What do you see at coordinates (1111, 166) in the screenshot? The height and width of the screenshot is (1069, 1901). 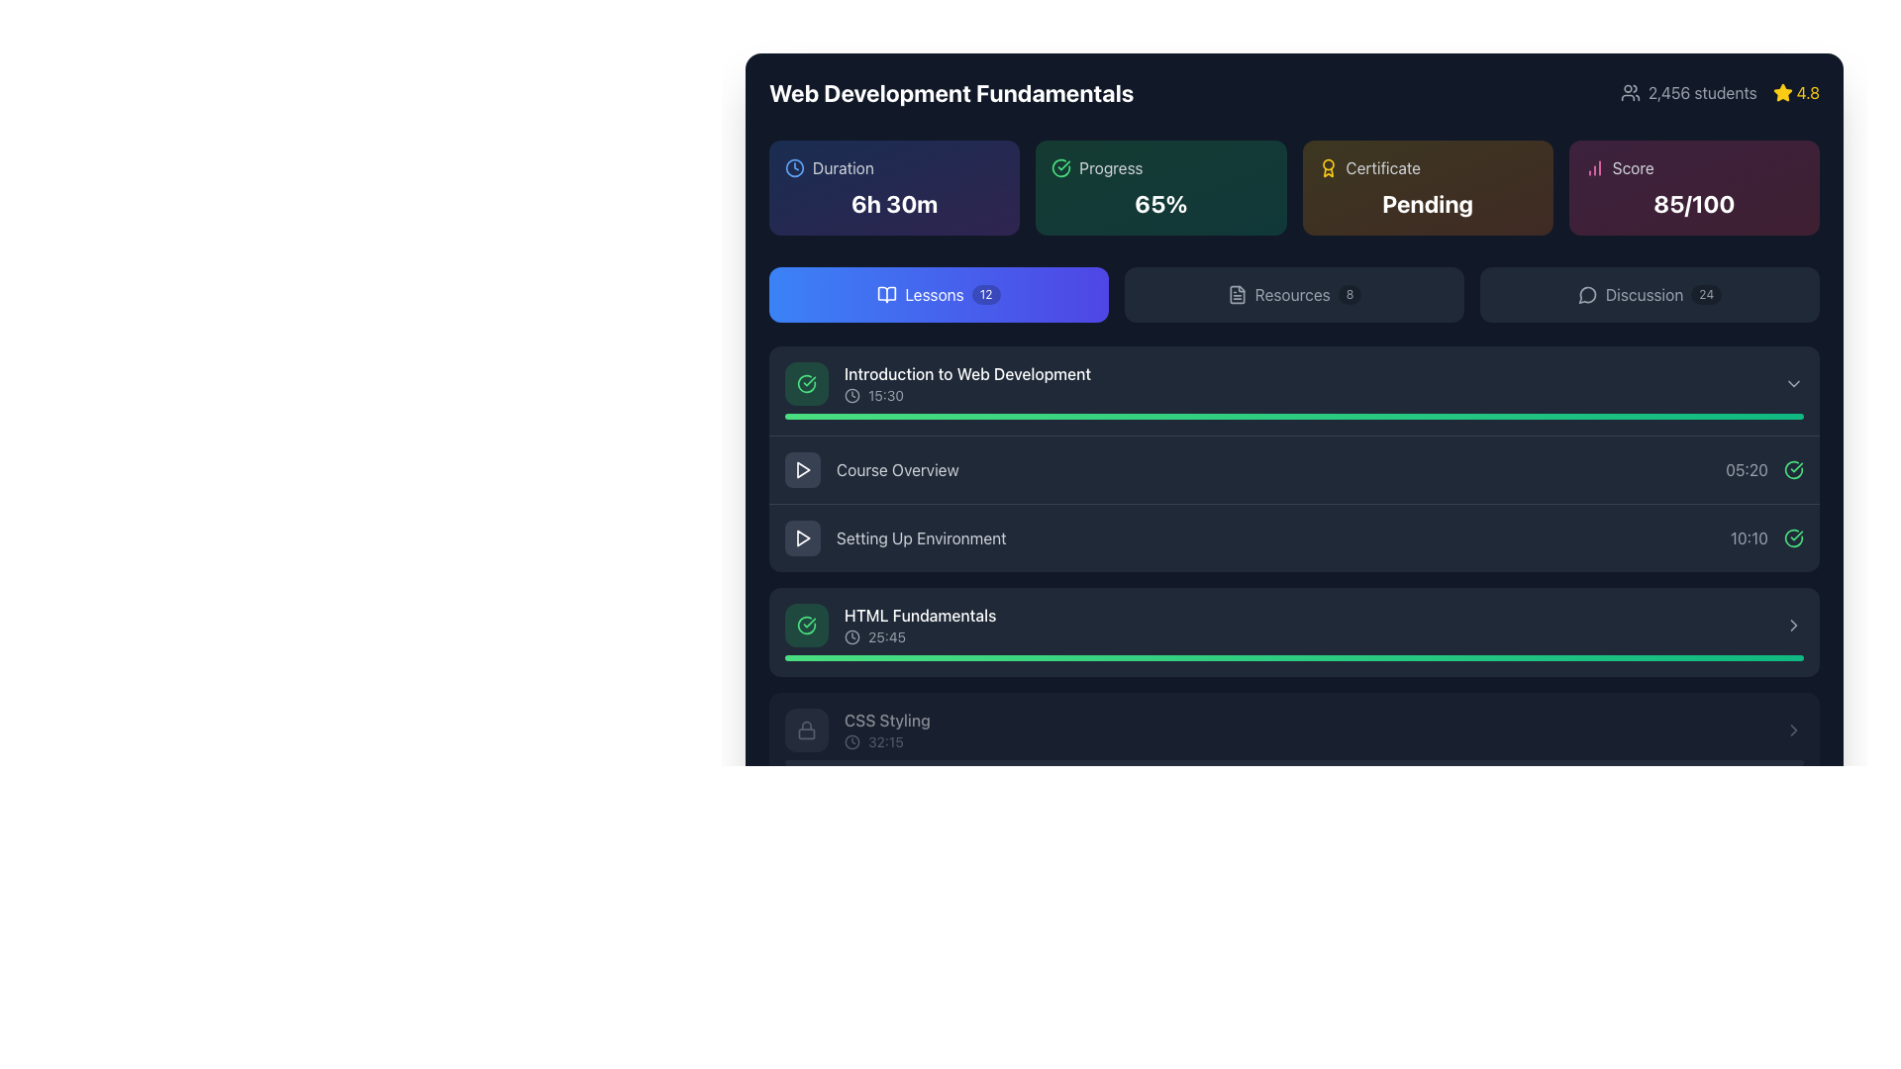 I see `the Label that describes the progress metric, which is located between the checkmark icon and the numeric progress value ('65%') in the top center area of the dashboard overview` at bounding box center [1111, 166].